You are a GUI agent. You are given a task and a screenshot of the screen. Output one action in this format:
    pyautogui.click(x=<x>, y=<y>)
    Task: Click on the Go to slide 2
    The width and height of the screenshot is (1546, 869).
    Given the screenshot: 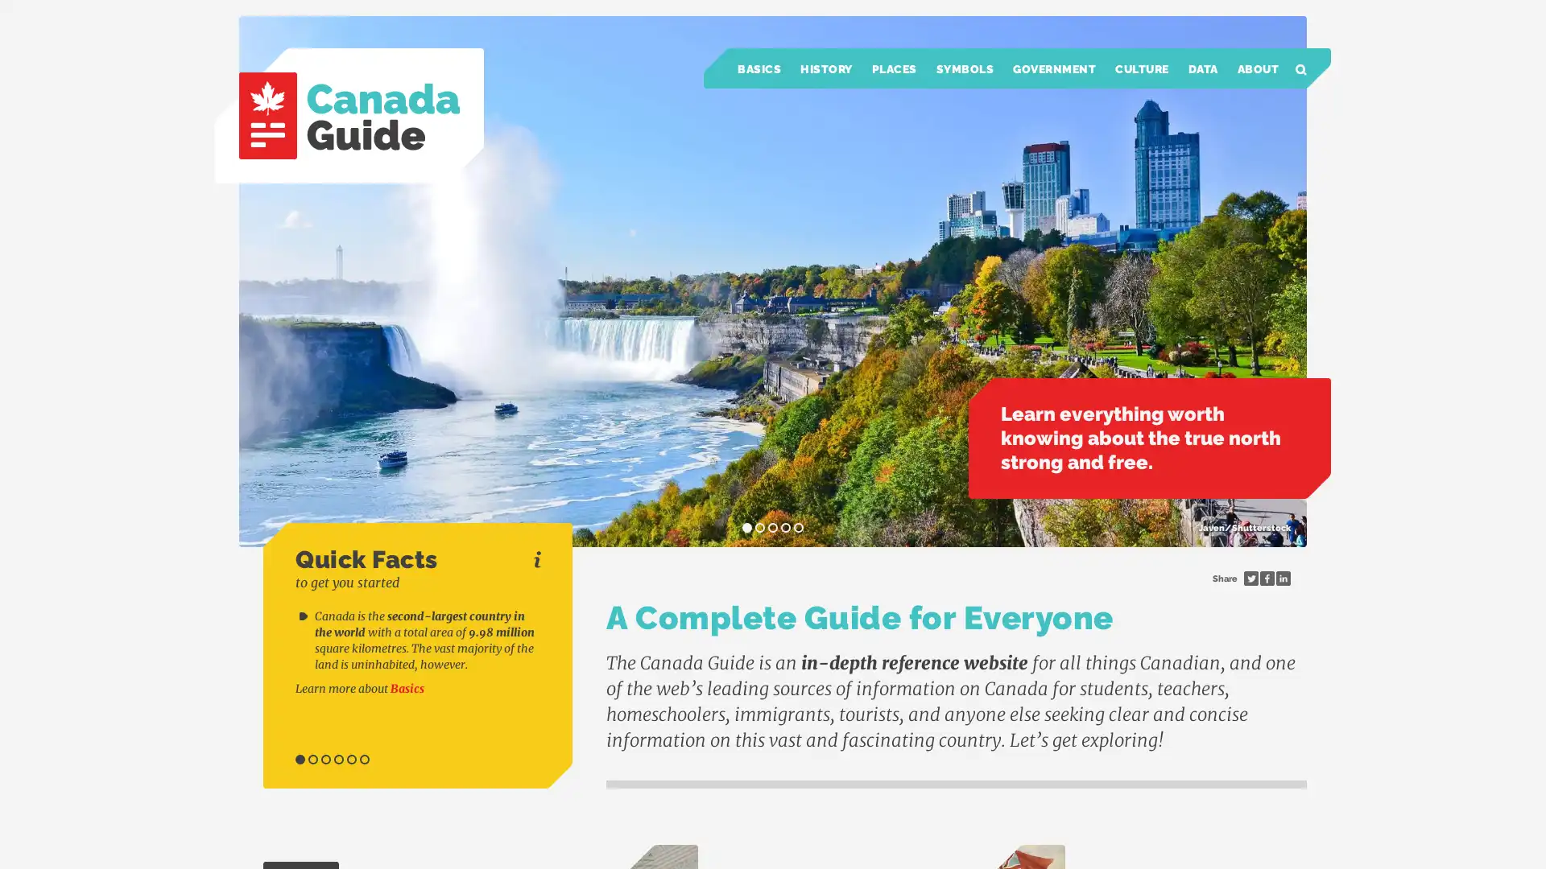 What is the action you would take?
    pyautogui.click(x=312, y=760)
    